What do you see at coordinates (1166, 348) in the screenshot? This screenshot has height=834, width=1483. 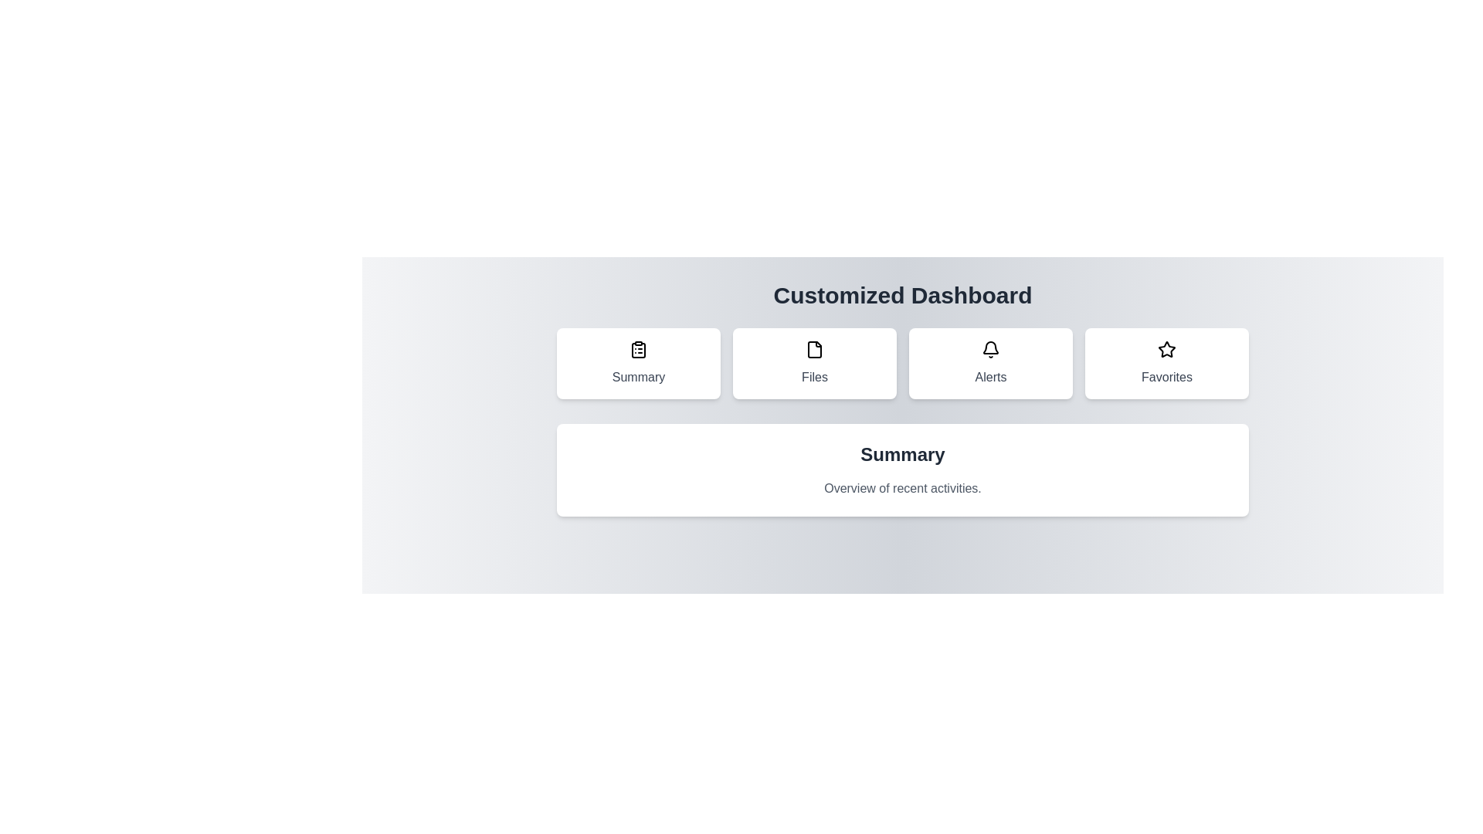 I see `the 'Favorites' icon located as the fourth button in the row of options on the dashboard` at bounding box center [1166, 348].